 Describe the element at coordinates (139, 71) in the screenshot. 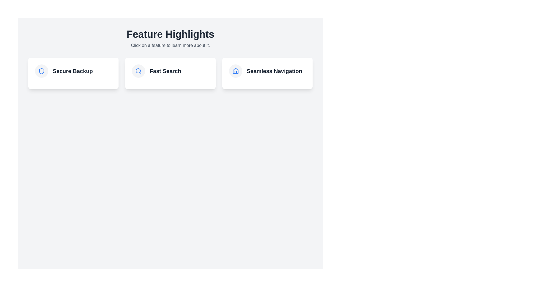

I see `the circular magnifying glass icon with a blue outline located in the second card under the 'Feature Highlights' section titled 'Fast Search'` at that location.